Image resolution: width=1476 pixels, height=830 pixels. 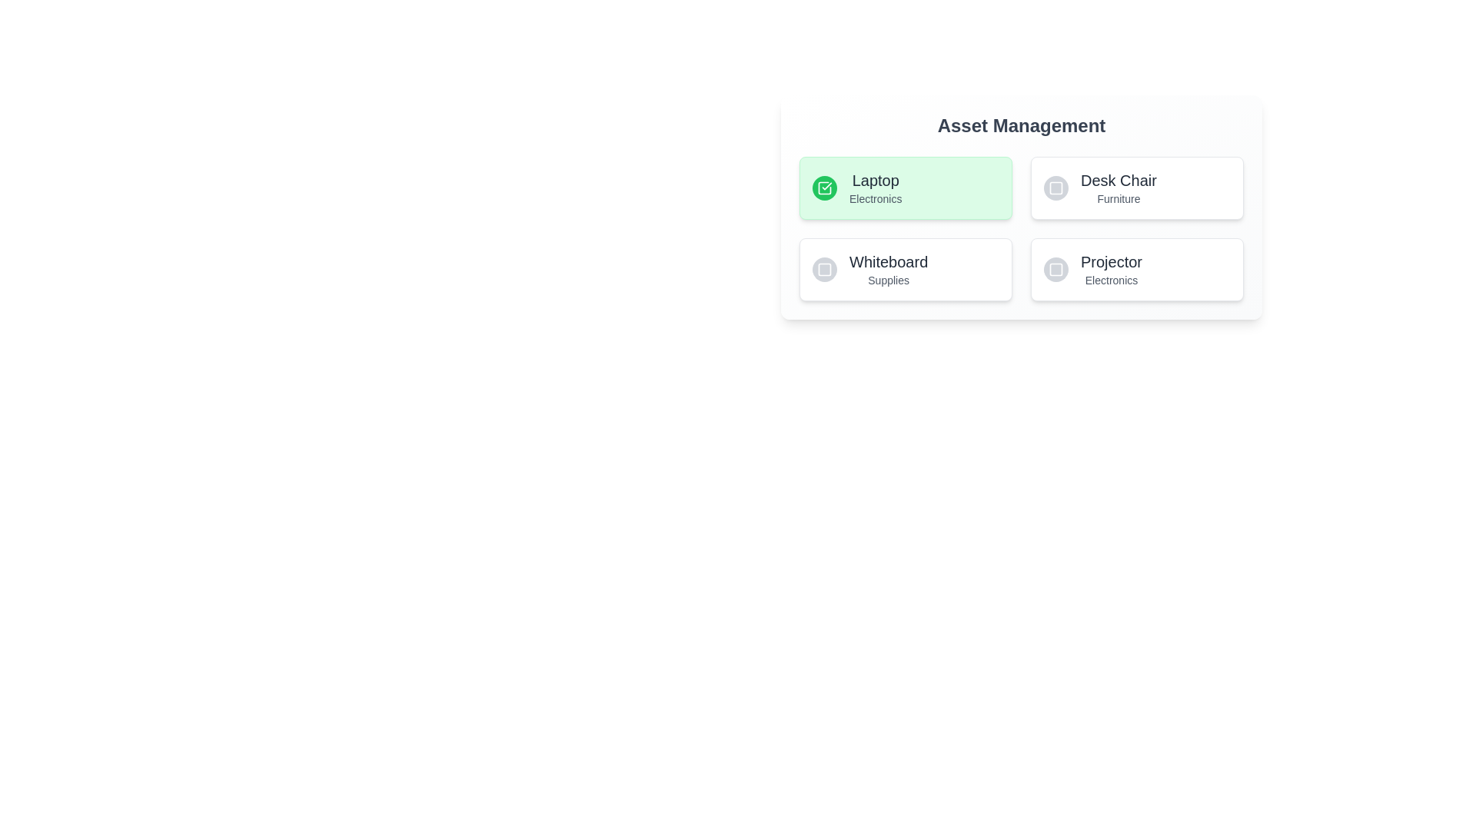 I want to click on the asset item identified by Laptop, so click(x=906, y=188).